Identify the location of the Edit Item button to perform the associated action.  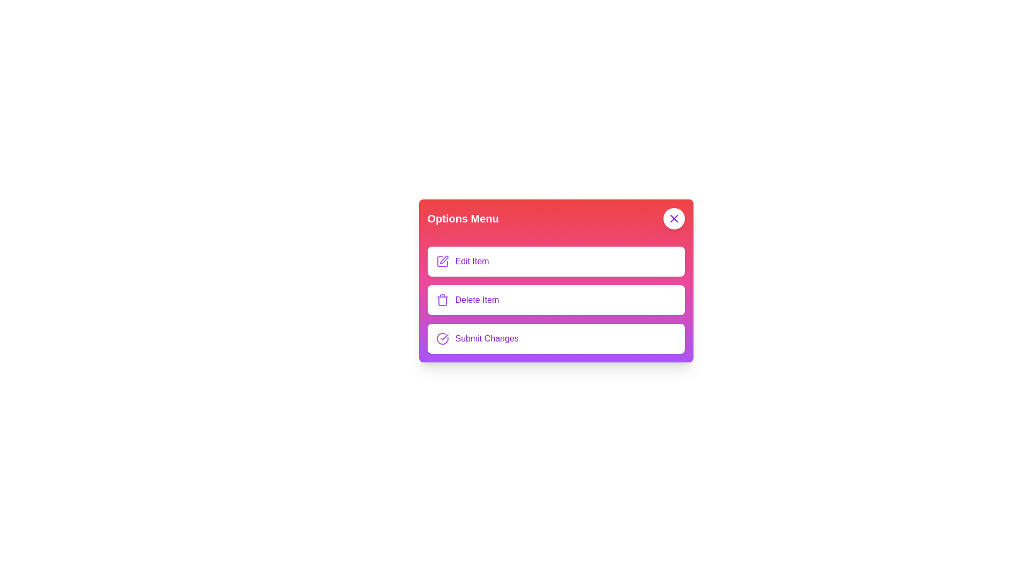
(442, 262).